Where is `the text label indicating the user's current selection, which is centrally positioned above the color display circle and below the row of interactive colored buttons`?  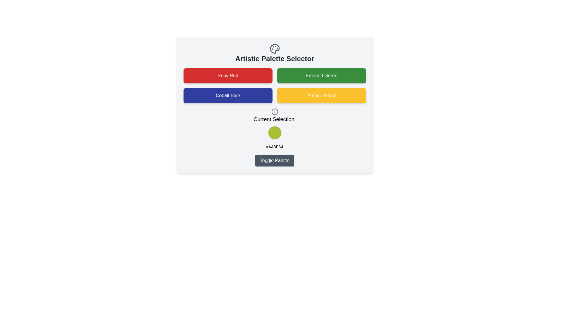 the text label indicating the user's current selection, which is centrally positioned above the color display circle and below the row of interactive colored buttons is located at coordinates (274, 119).